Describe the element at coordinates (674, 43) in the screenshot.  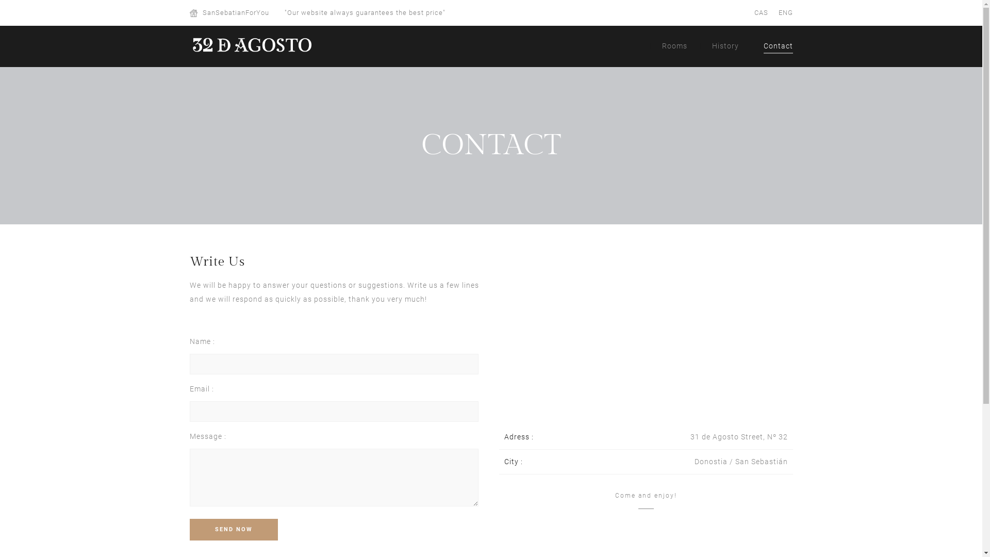
I see `'Rooms'` at that location.